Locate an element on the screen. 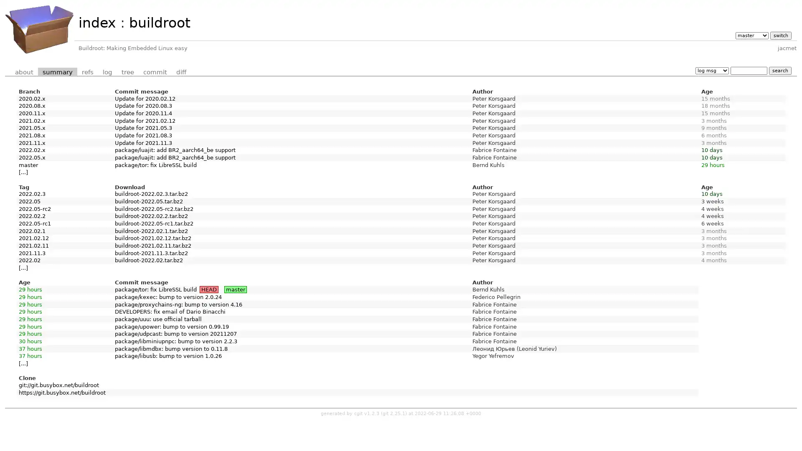 Image resolution: width=802 pixels, height=451 pixels. search is located at coordinates (779, 70).